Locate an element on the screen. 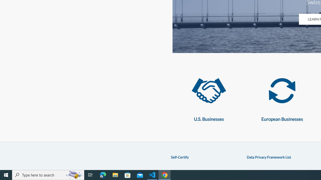 This screenshot has height=180, width=321. 'U.S. Businesses' is located at coordinates (209, 91).